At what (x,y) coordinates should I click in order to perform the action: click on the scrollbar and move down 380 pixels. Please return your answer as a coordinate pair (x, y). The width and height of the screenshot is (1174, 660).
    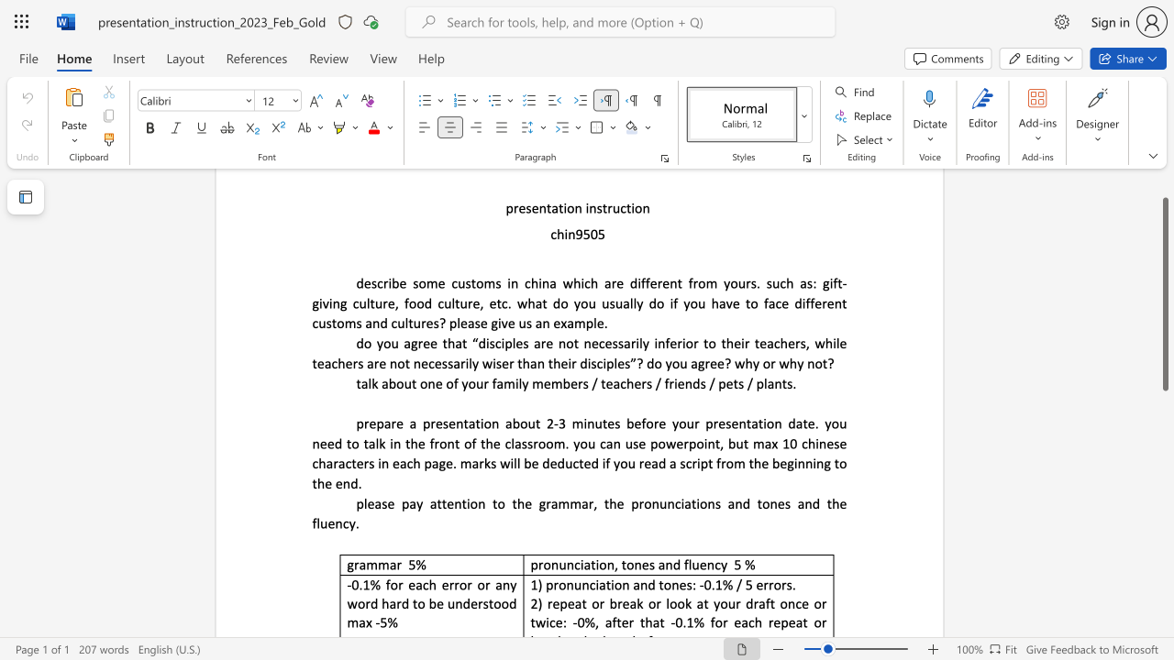
    Looking at the image, I should click on (1164, 293).